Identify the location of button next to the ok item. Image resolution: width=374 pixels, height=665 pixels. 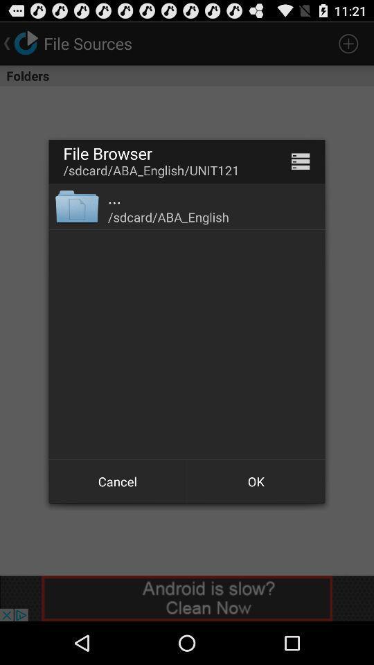
(118, 481).